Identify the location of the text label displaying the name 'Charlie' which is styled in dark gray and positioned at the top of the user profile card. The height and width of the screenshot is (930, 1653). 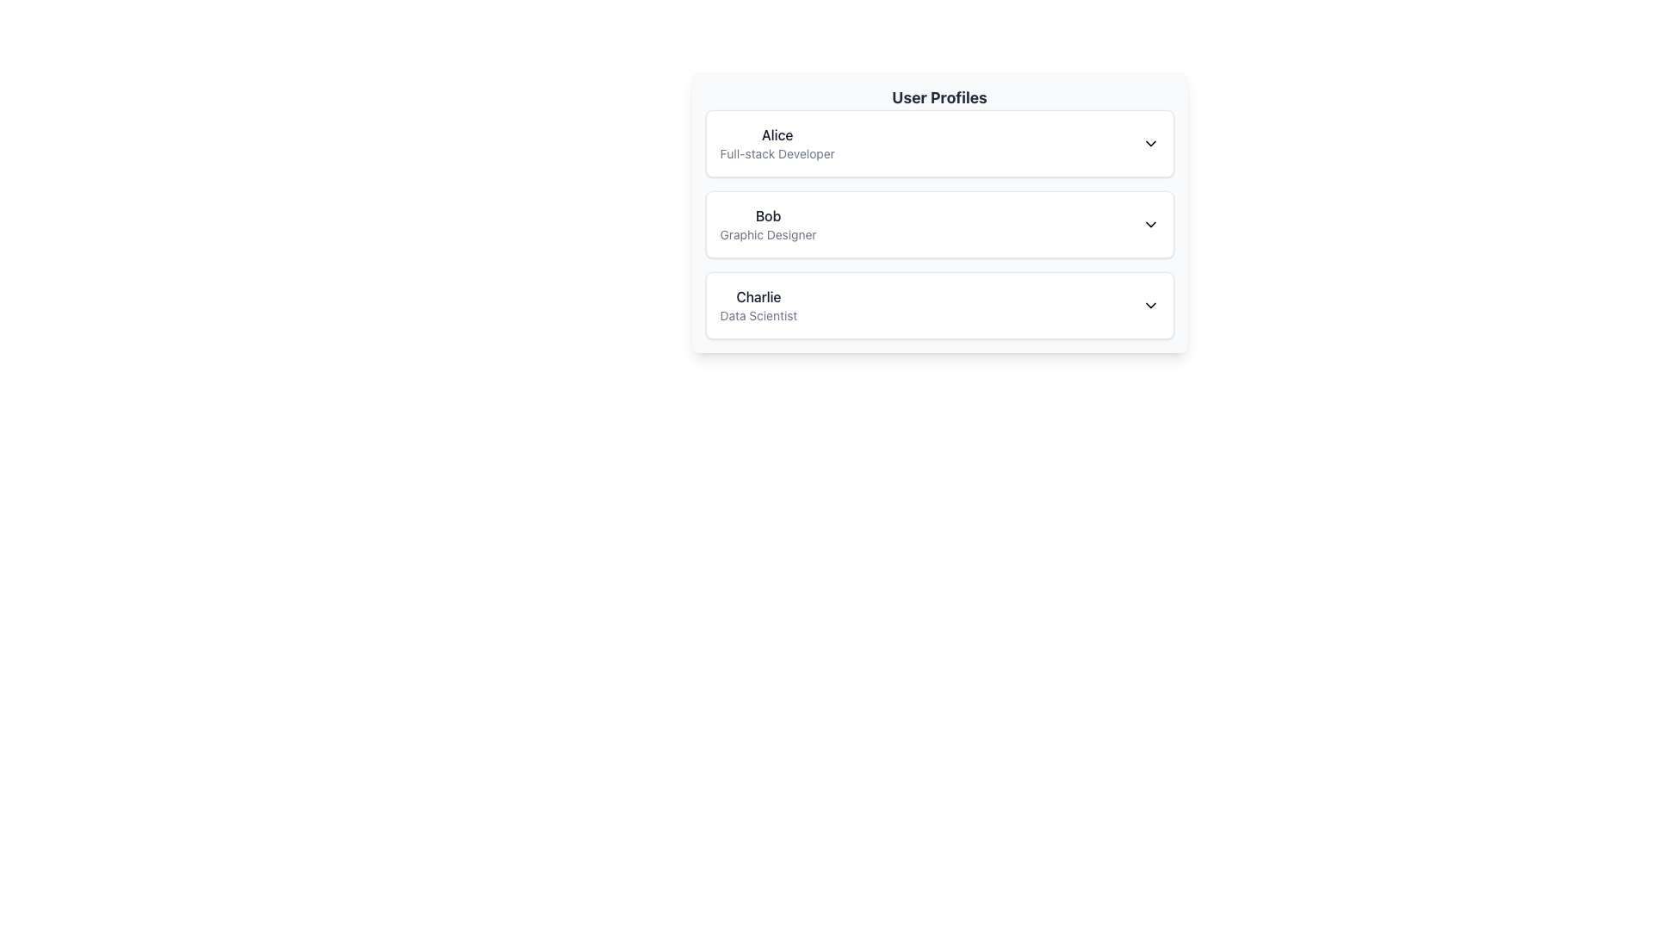
(758, 295).